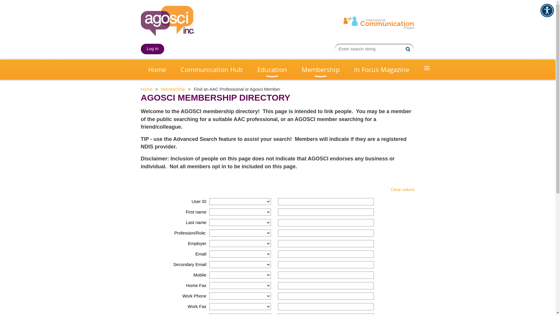 Image resolution: width=560 pixels, height=315 pixels. Describe the element at coordinates (211, 69) in the screenshot. I see `'Communication Hub'` at that location.